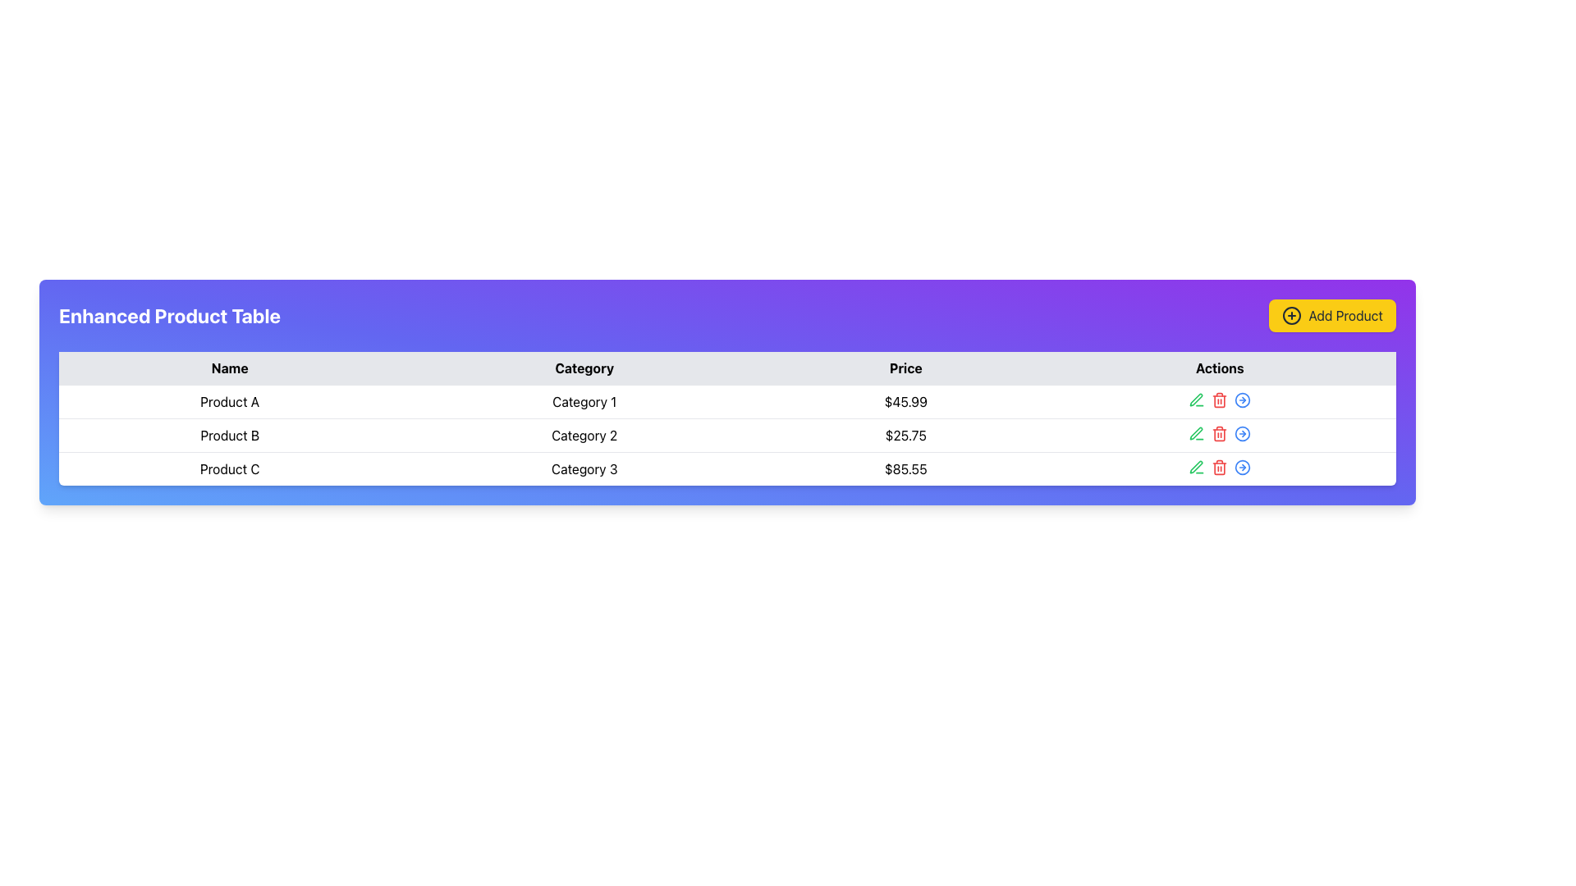  Describe the element at coordinates (1220, 432) in the screenshot. I see `the red trash icon in the Actions column of the product table` at that location.